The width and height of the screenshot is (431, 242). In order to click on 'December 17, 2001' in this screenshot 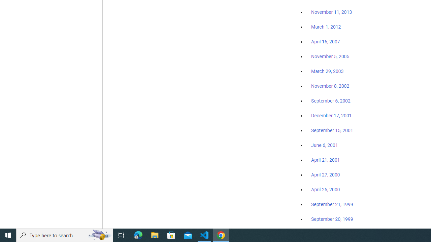, I will do `click(331, 115)`.